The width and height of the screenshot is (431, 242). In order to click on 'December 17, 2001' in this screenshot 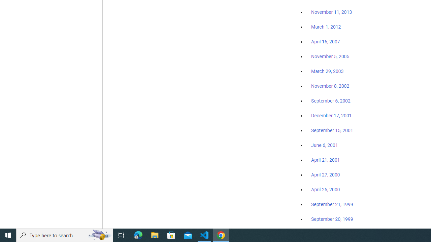, I will do `click(331, 115)`.